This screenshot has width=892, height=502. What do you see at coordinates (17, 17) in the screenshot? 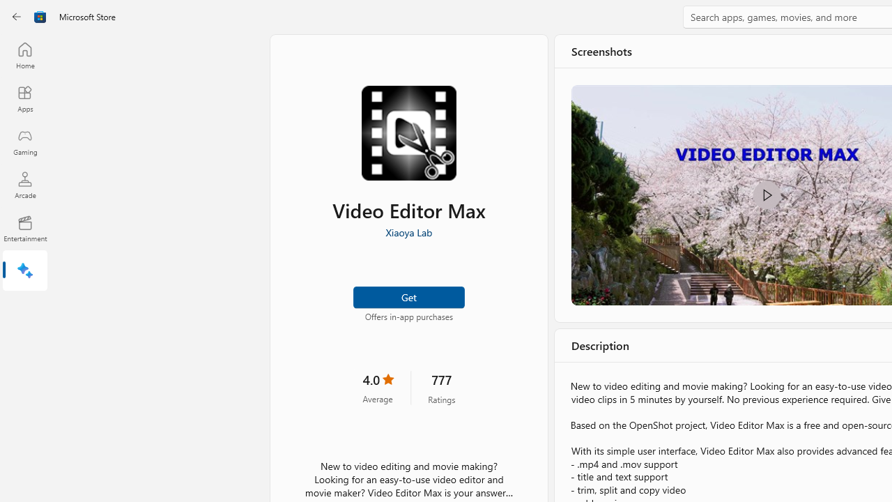
I see `'Back'` at bounding box center [17, 17].